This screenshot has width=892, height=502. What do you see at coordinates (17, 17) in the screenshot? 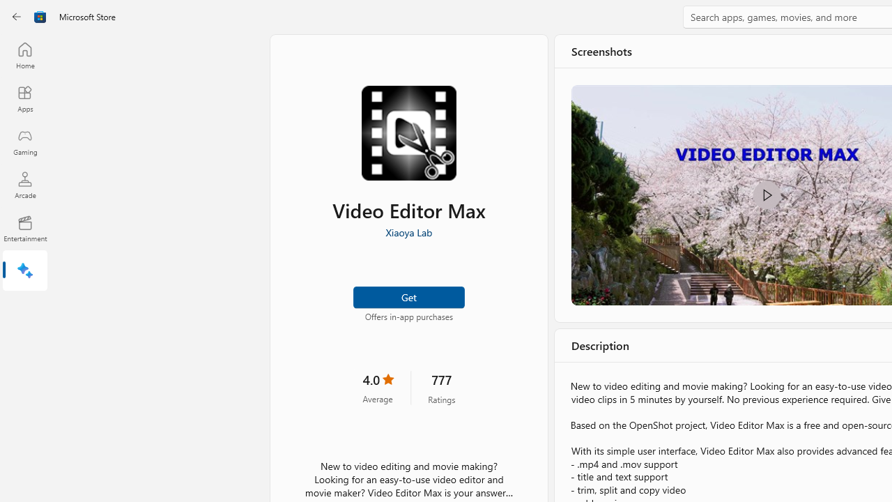
I see `'Back'` at bounding box center [17, 17].